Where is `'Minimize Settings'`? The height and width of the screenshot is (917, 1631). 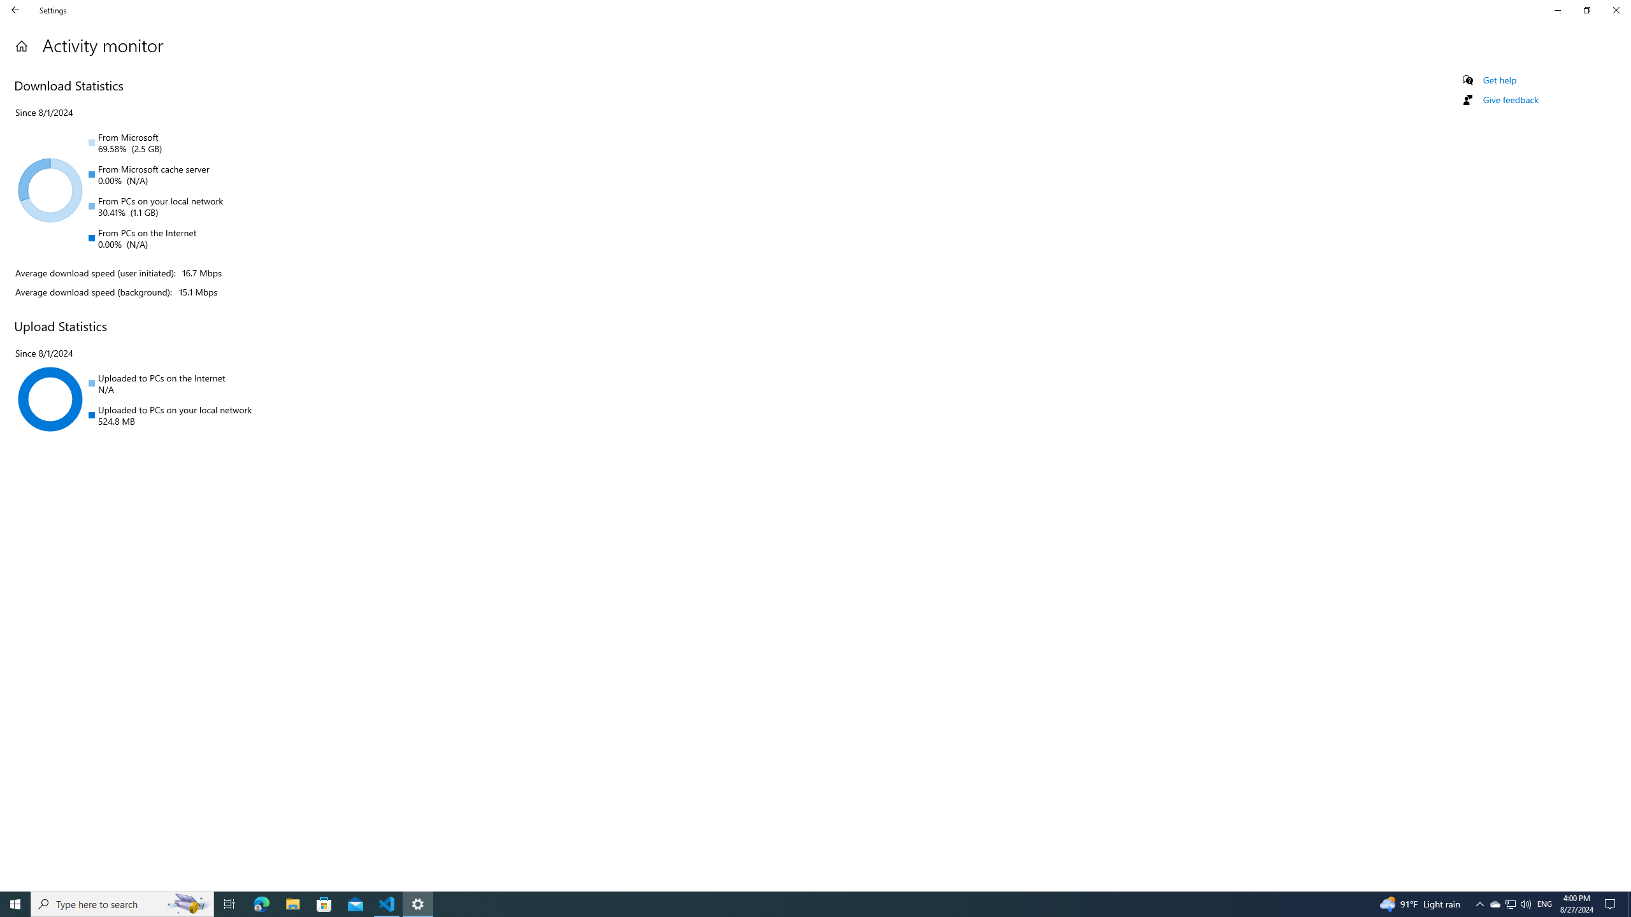
'Minimize Settings' is located at coordinates (1556, 10).